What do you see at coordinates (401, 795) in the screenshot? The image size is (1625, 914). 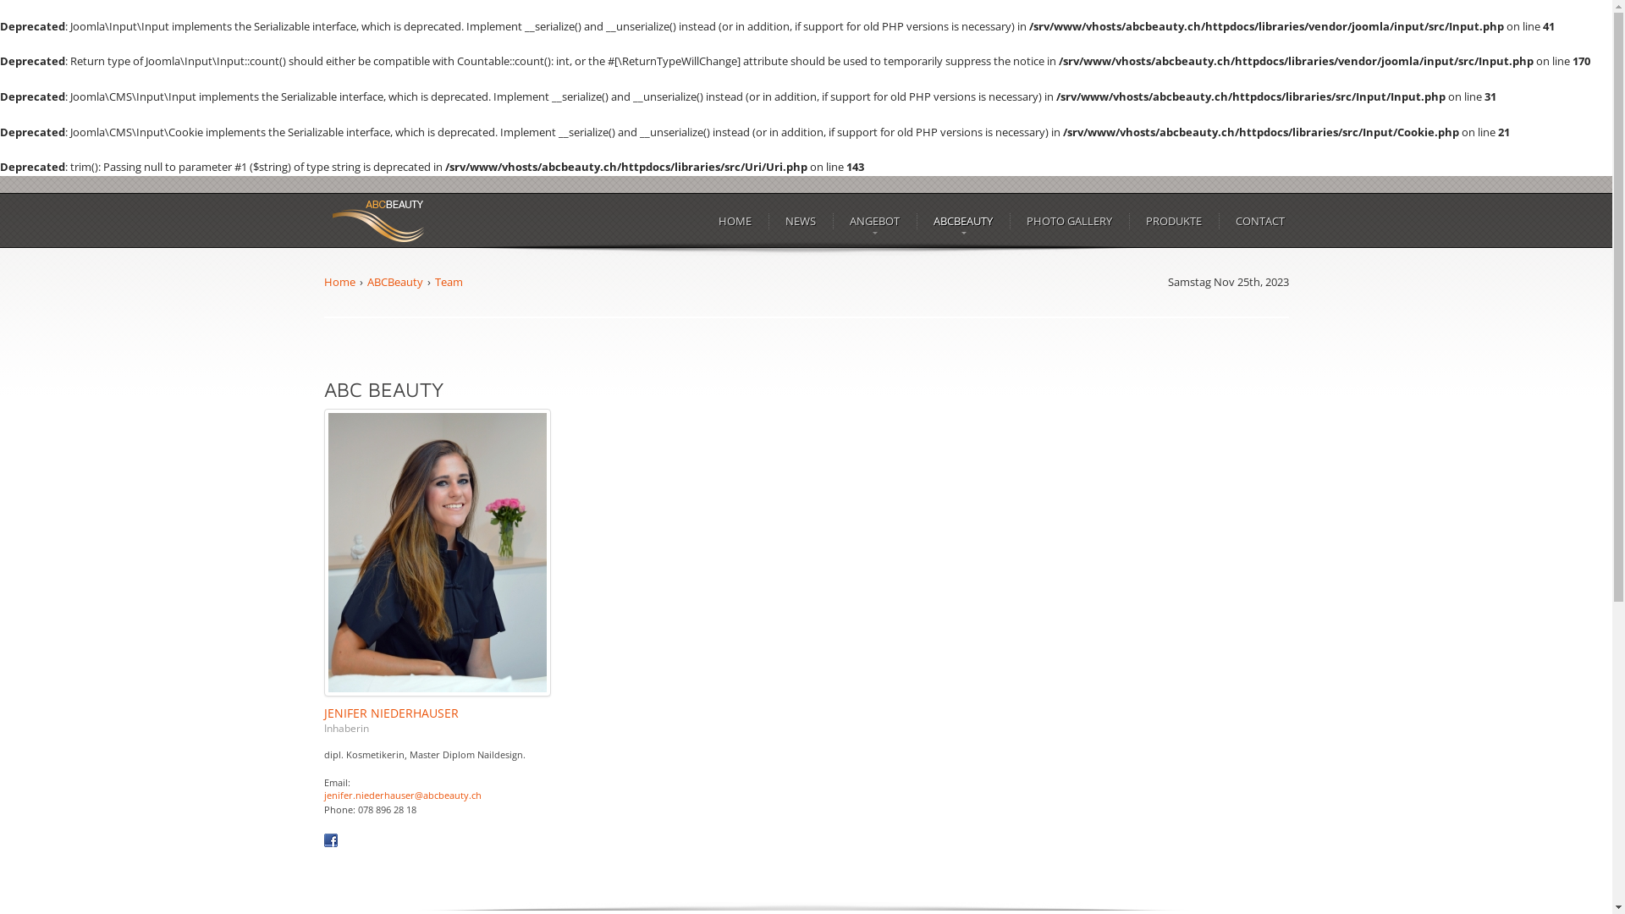 I see `'jenifer.niederhauser@abcbeauty.ch'` at bounding box center [401, 795].